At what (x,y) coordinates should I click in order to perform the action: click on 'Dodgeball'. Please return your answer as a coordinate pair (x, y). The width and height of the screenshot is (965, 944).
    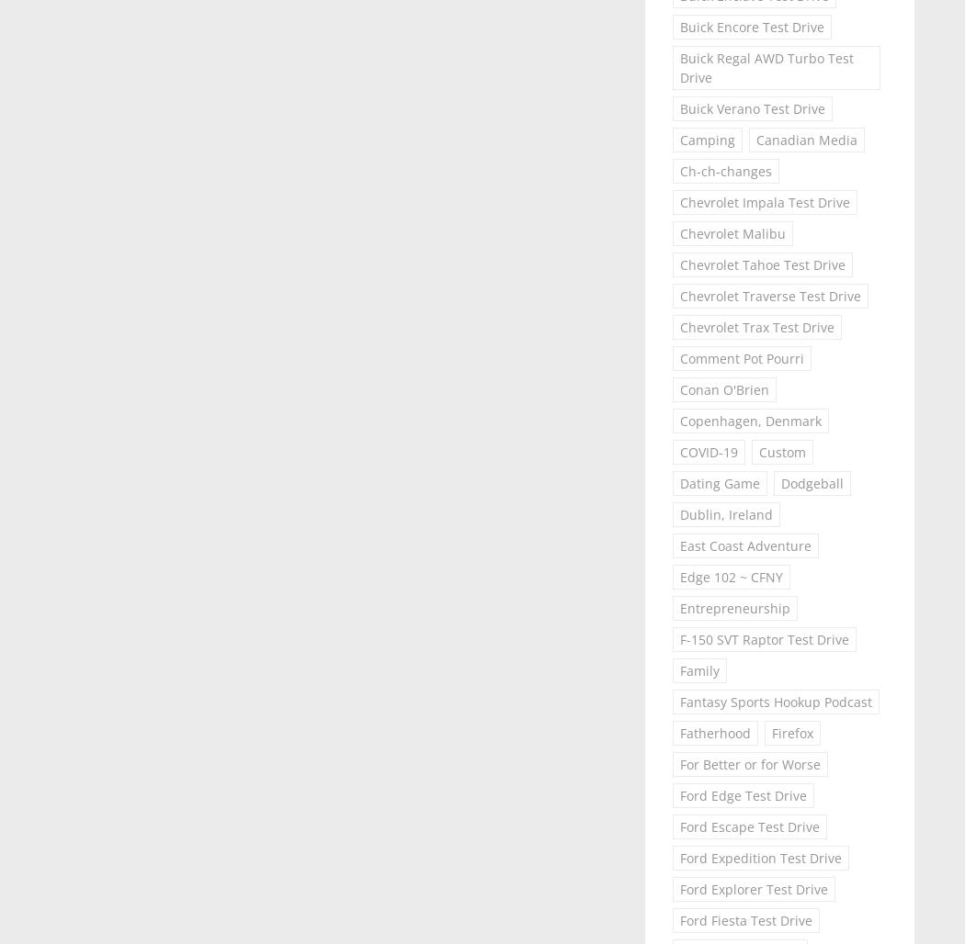
    Looking at the image, I should click on (780, 483).